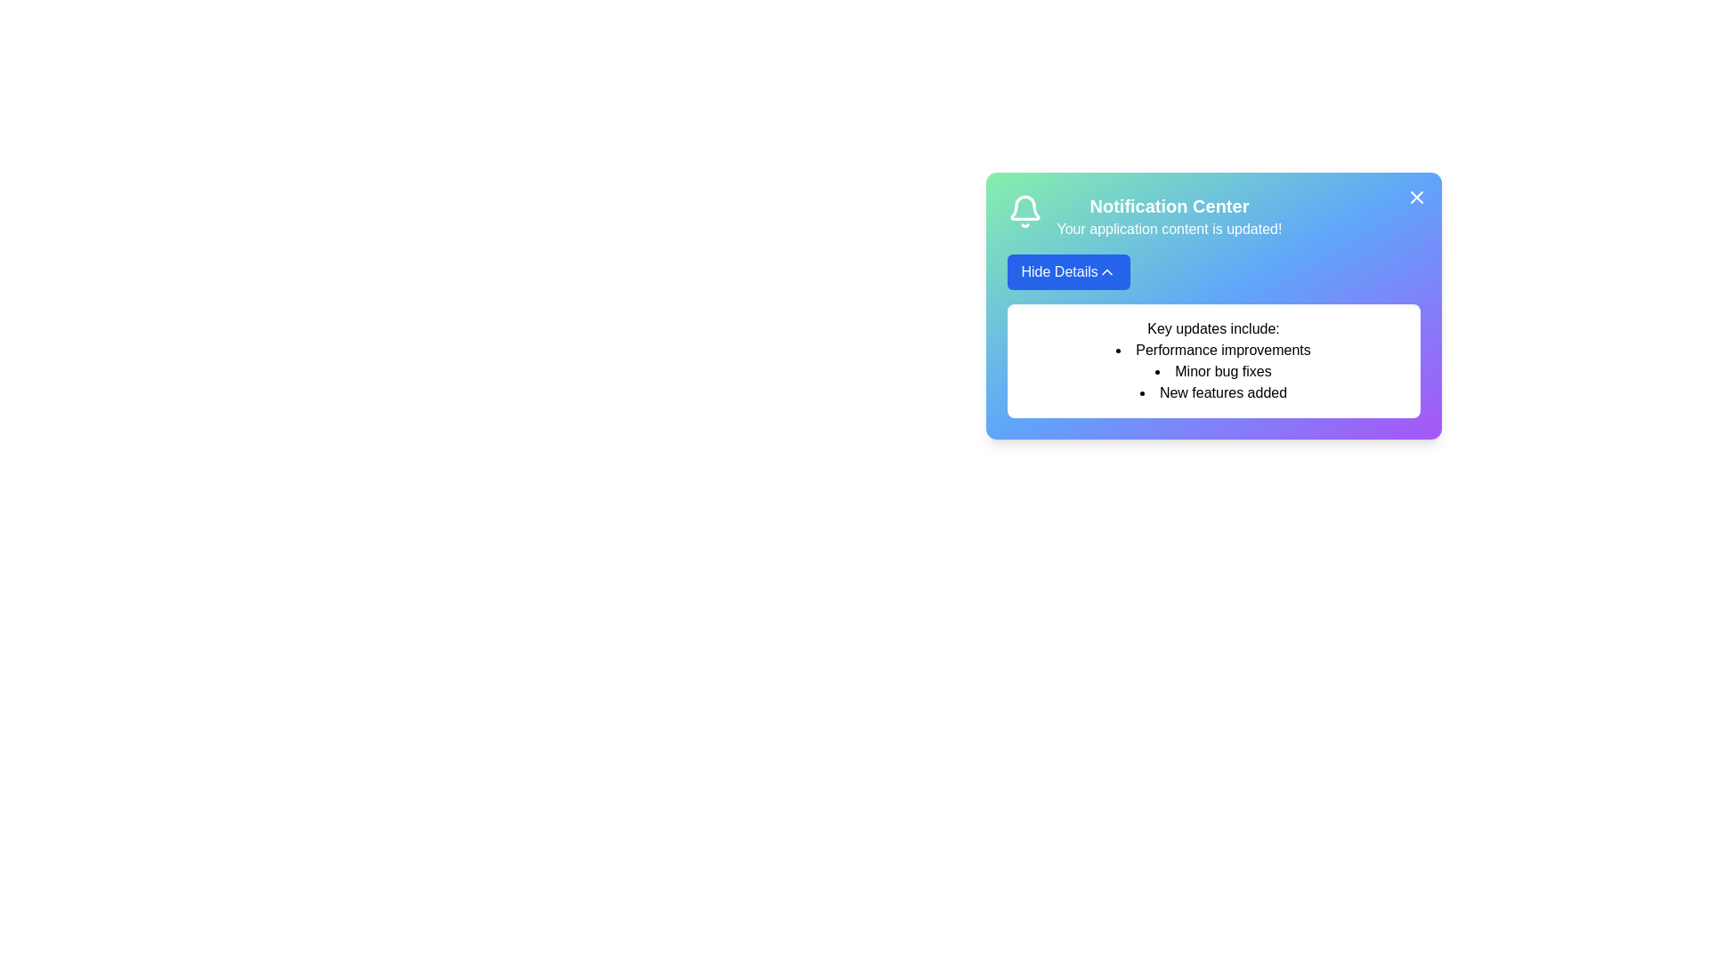 This screenshot has height=961, width=1709. What do you see at coordinates (1415, 198) in the screenshot?
I see `the close button (X) to dismiss the notification` at bounding box center [1415, 198].